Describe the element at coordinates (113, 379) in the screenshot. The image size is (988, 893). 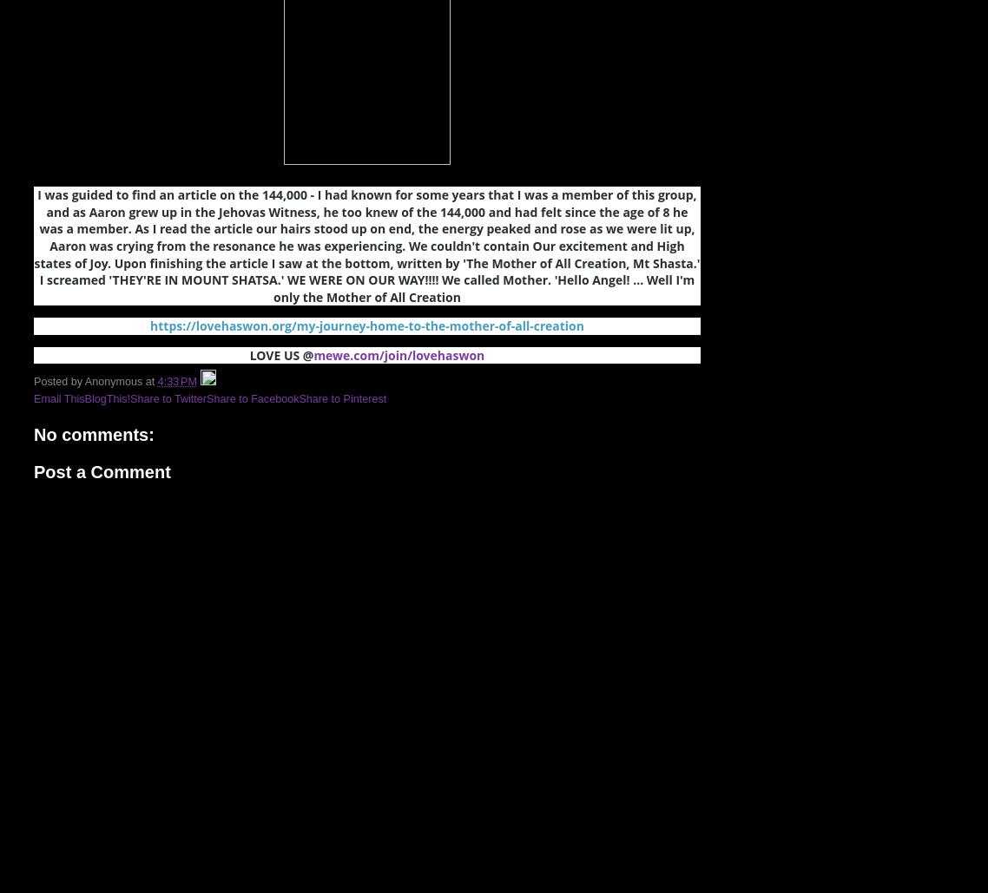
I see `'Anonymous'` at that location.